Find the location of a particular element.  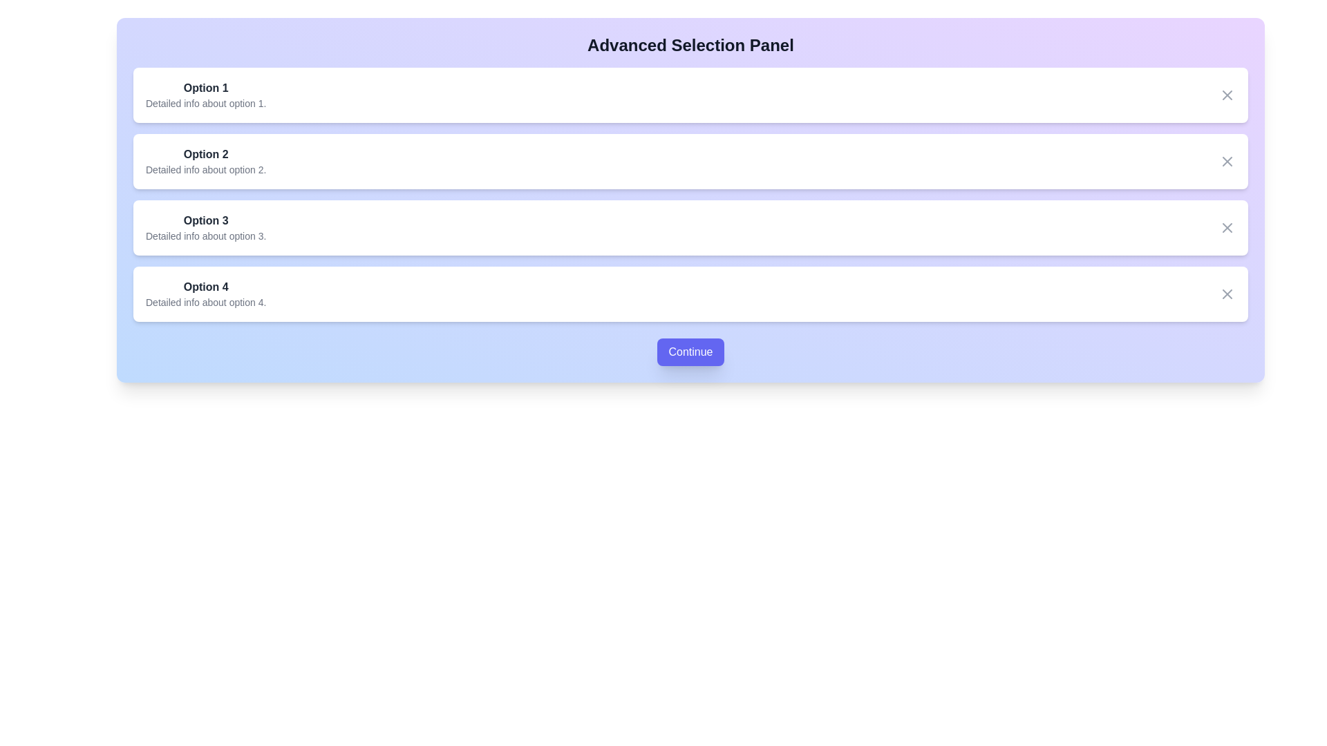

the static text label reading 'Detailed info about option 2.' located below the title 'Option 2.' is located at coordinates (205, 169).